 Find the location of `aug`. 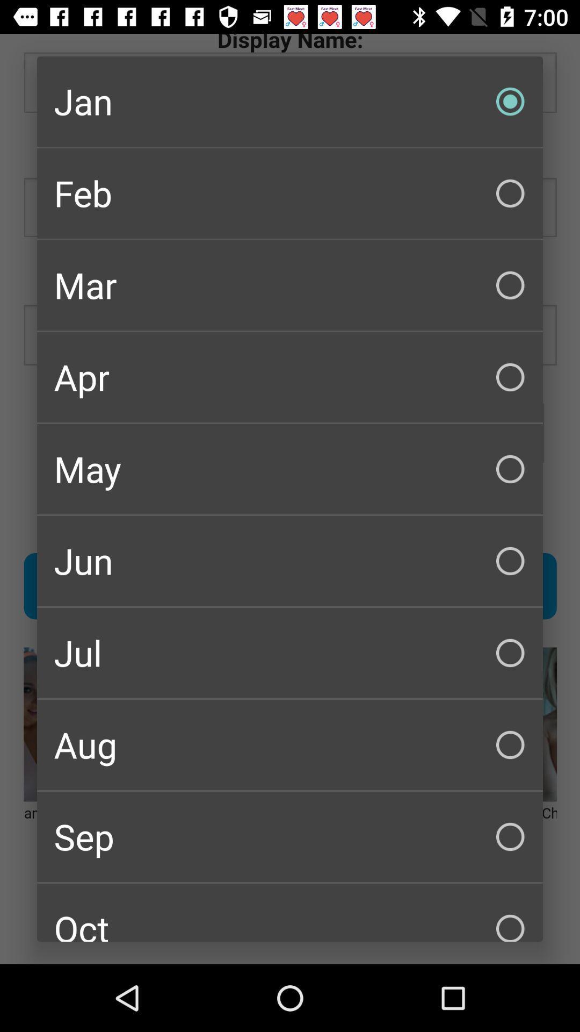

aug is located at coordinates (290, 744).